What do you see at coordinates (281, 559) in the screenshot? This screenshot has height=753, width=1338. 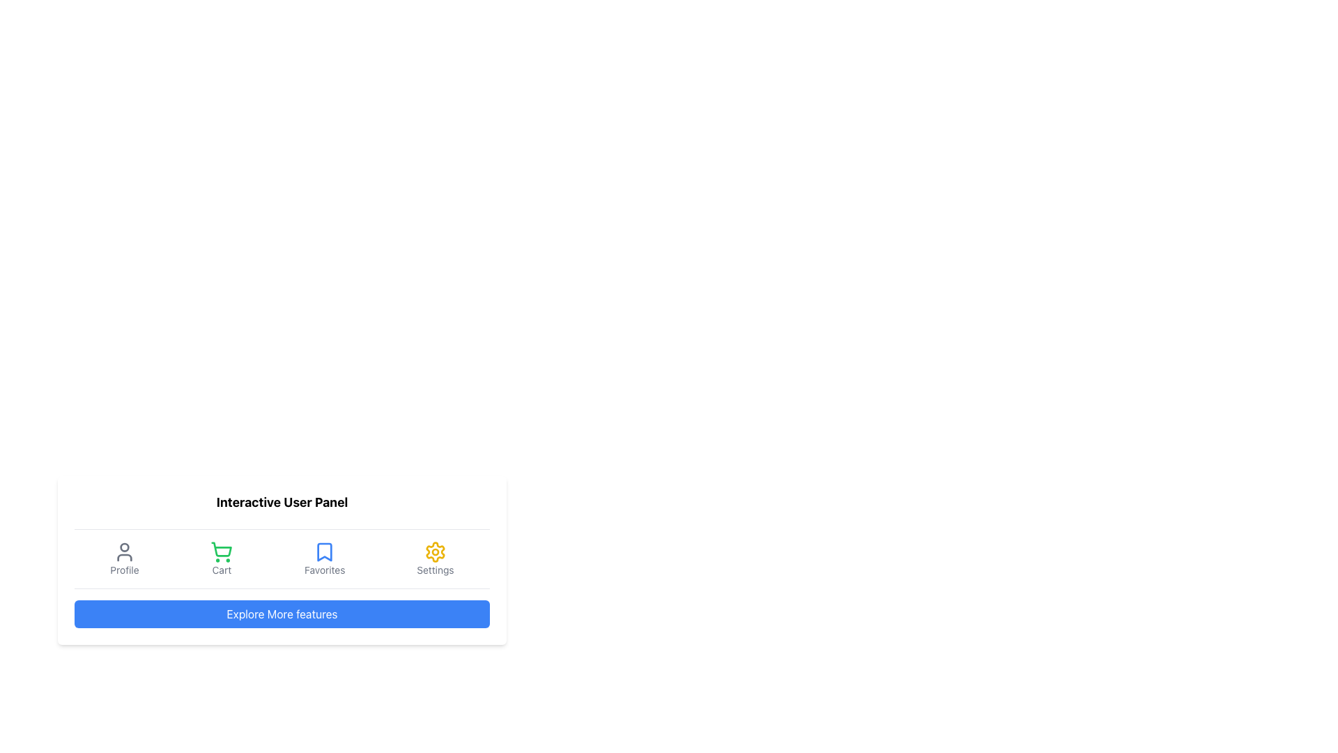 I see `the 'Favorites' button located in the composite panel for accessing saved items` at bounding box center [281, 559].